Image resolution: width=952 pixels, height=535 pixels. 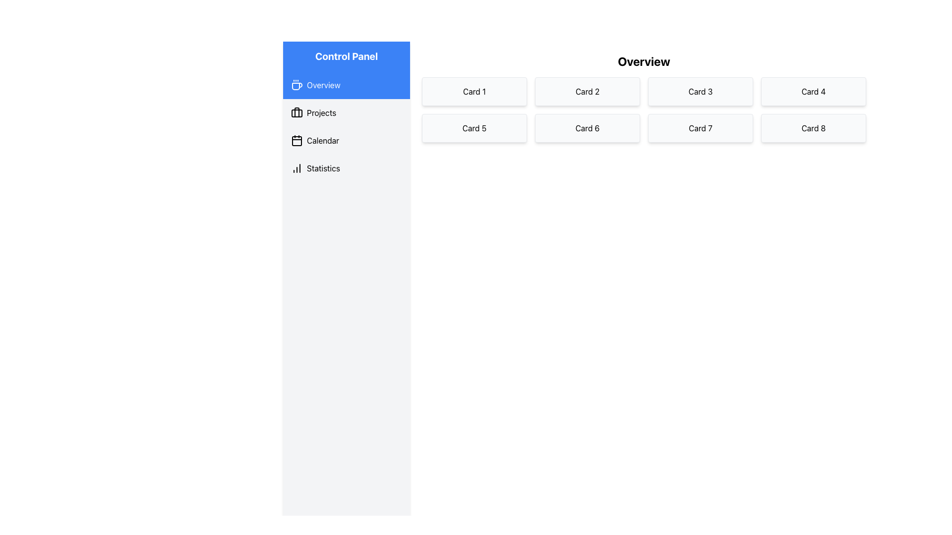 I want to click on the 'Projects' menu item in the vertical navigation bar, so click(x=347, y=112).